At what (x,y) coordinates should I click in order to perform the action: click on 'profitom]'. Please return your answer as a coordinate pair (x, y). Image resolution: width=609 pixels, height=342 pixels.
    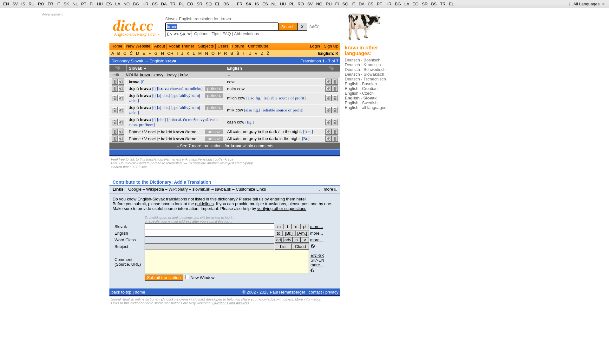
    Looking at the image, I should click on (146, 124).